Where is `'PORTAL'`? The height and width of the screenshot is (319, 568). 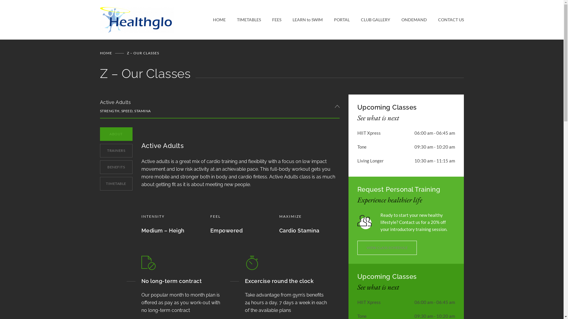 'PORTAL' is located at coordinates (336, 19).